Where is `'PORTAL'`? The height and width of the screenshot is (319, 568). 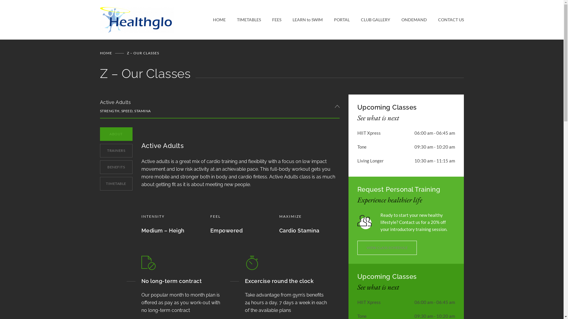 'PORTAL' is located at coordinates (336, 19).